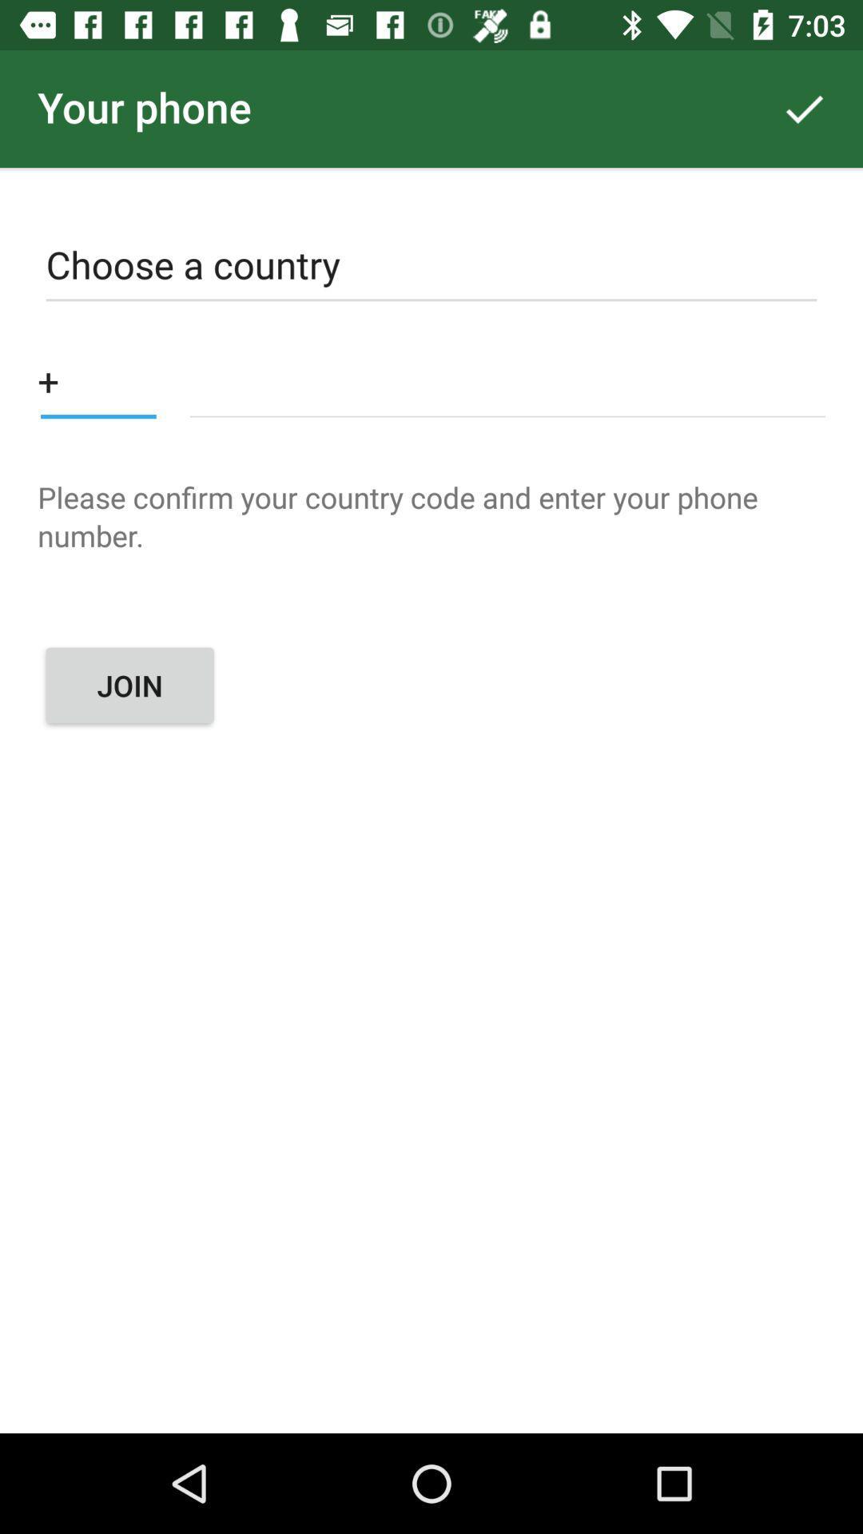 The image size is (863, 1534). I want to click on country code, so click(98, 380).